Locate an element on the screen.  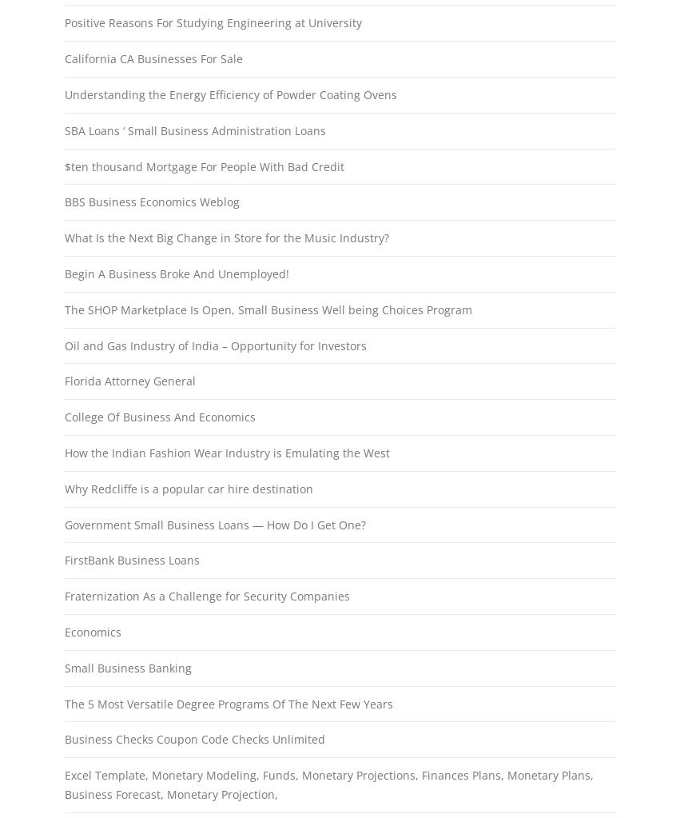
'Begin A Business Broke And Unemployed!' is located at coordinates (176, 273).